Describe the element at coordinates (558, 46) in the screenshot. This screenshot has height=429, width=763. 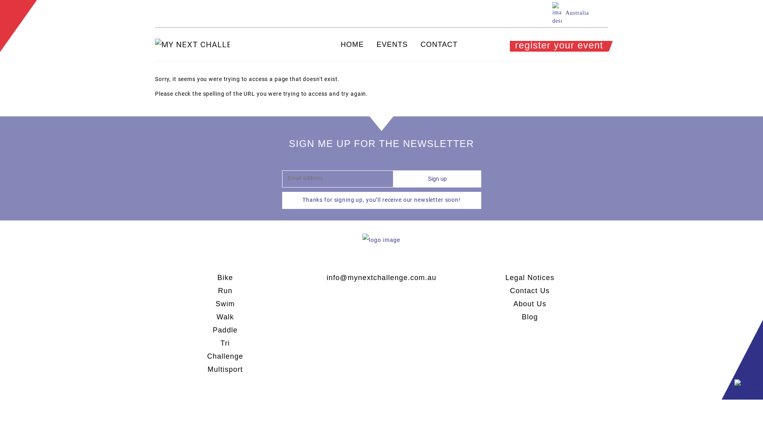
I see `'register your event'` at that location.